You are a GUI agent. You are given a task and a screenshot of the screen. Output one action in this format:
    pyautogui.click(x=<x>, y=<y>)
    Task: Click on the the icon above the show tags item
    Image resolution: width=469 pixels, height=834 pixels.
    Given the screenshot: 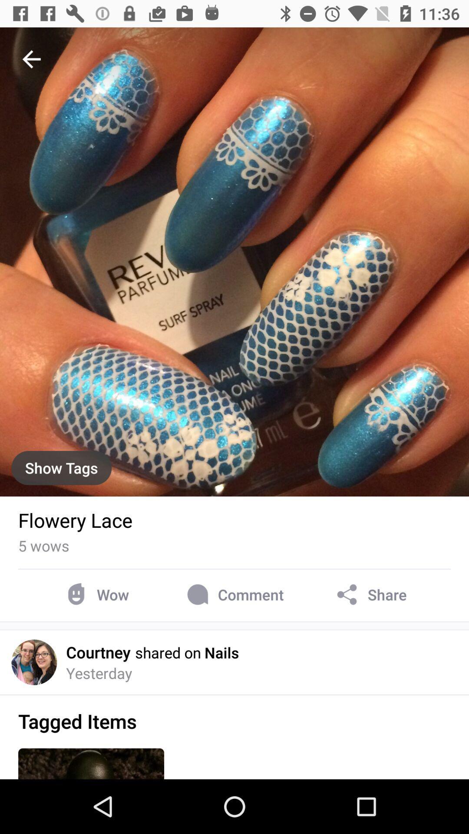 What is the action you would take?
    pyautogui.click(x=31, y=59)
    